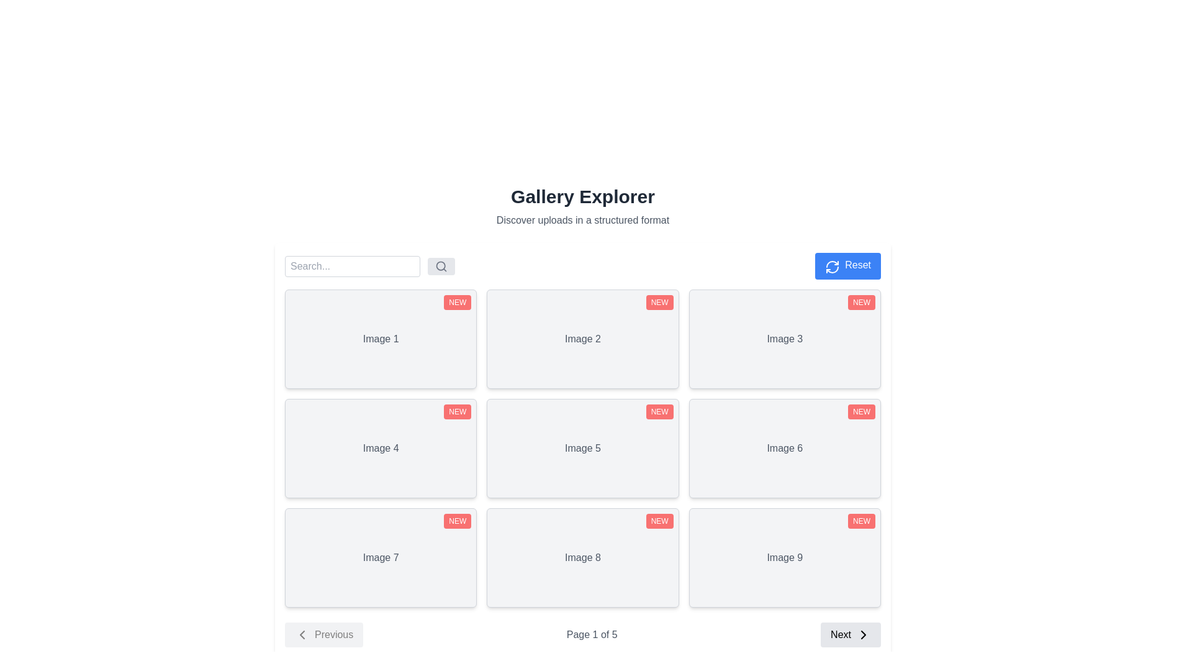 Image resolution: width=1192 pixels, height=671 pixels. Describe the element at coordinates (582, 448) in the screenshot. I see `the text label displaying 'Image 5' in a gray font, which is centered within the fifth image preview box on the second row of the grid layout` at that location.